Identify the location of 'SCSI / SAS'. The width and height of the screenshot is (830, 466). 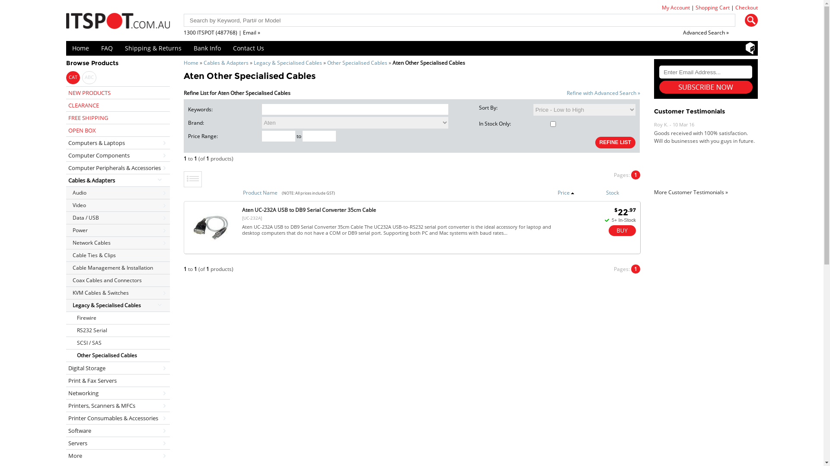
(117, 342).